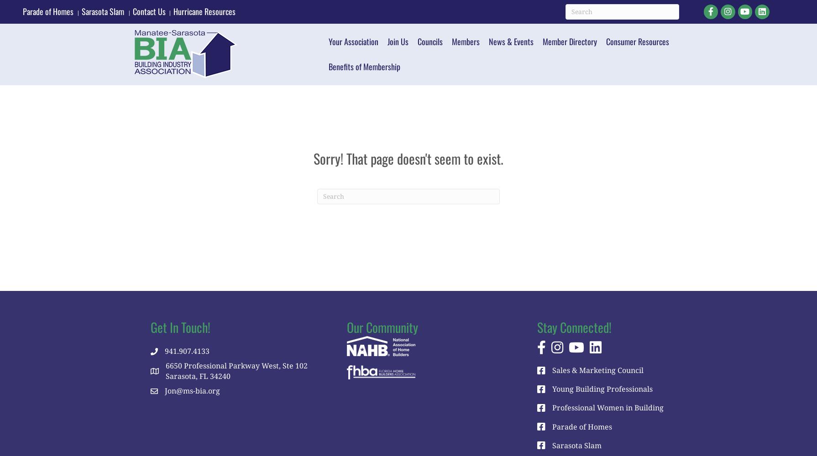 The width and height of the screenshot is (817, 456). I want to click on 'Consumer Resources', so click(637, 41).